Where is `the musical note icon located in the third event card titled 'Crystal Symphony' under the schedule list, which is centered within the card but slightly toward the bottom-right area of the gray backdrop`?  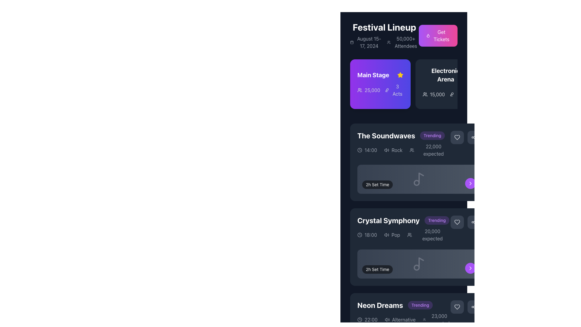 the musical note icon located in the third event card titled 'Crystal Symphony' under the schedule list, which is centered within the card but slightly toward the bottom-right area of the gray backdrop is located at coordinates (419, 263).